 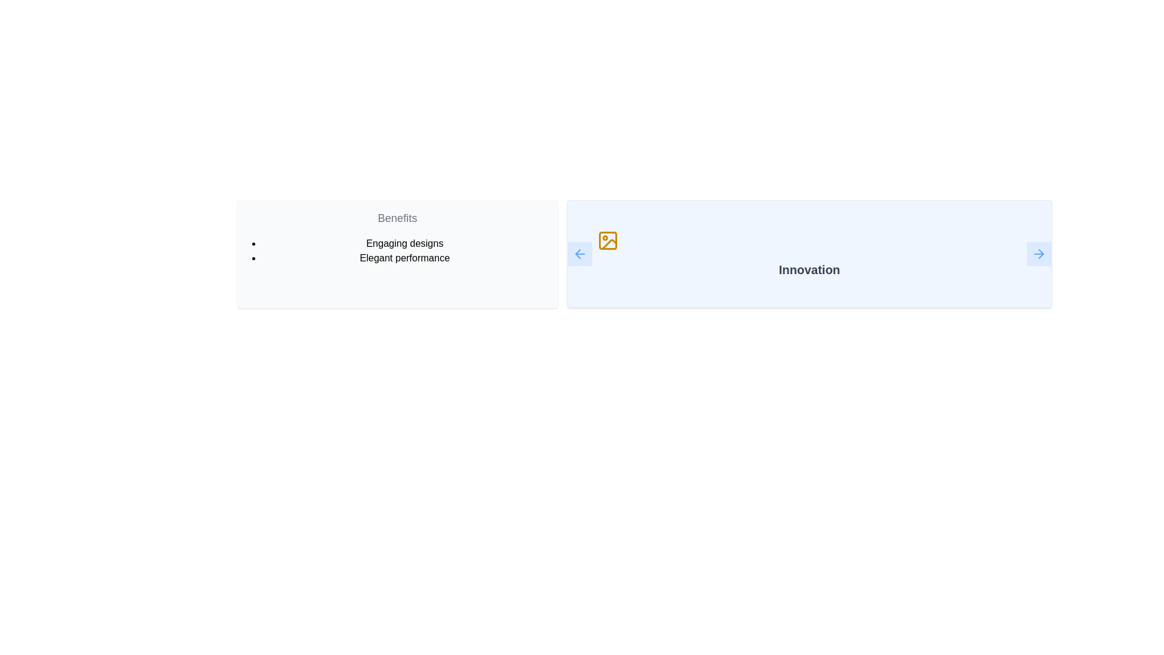 I want to click on text content of the bulleted list containing 'Engaging designs' and 'Elegant performance' located in the 'Benefits' section, so click(x=397, y=250).